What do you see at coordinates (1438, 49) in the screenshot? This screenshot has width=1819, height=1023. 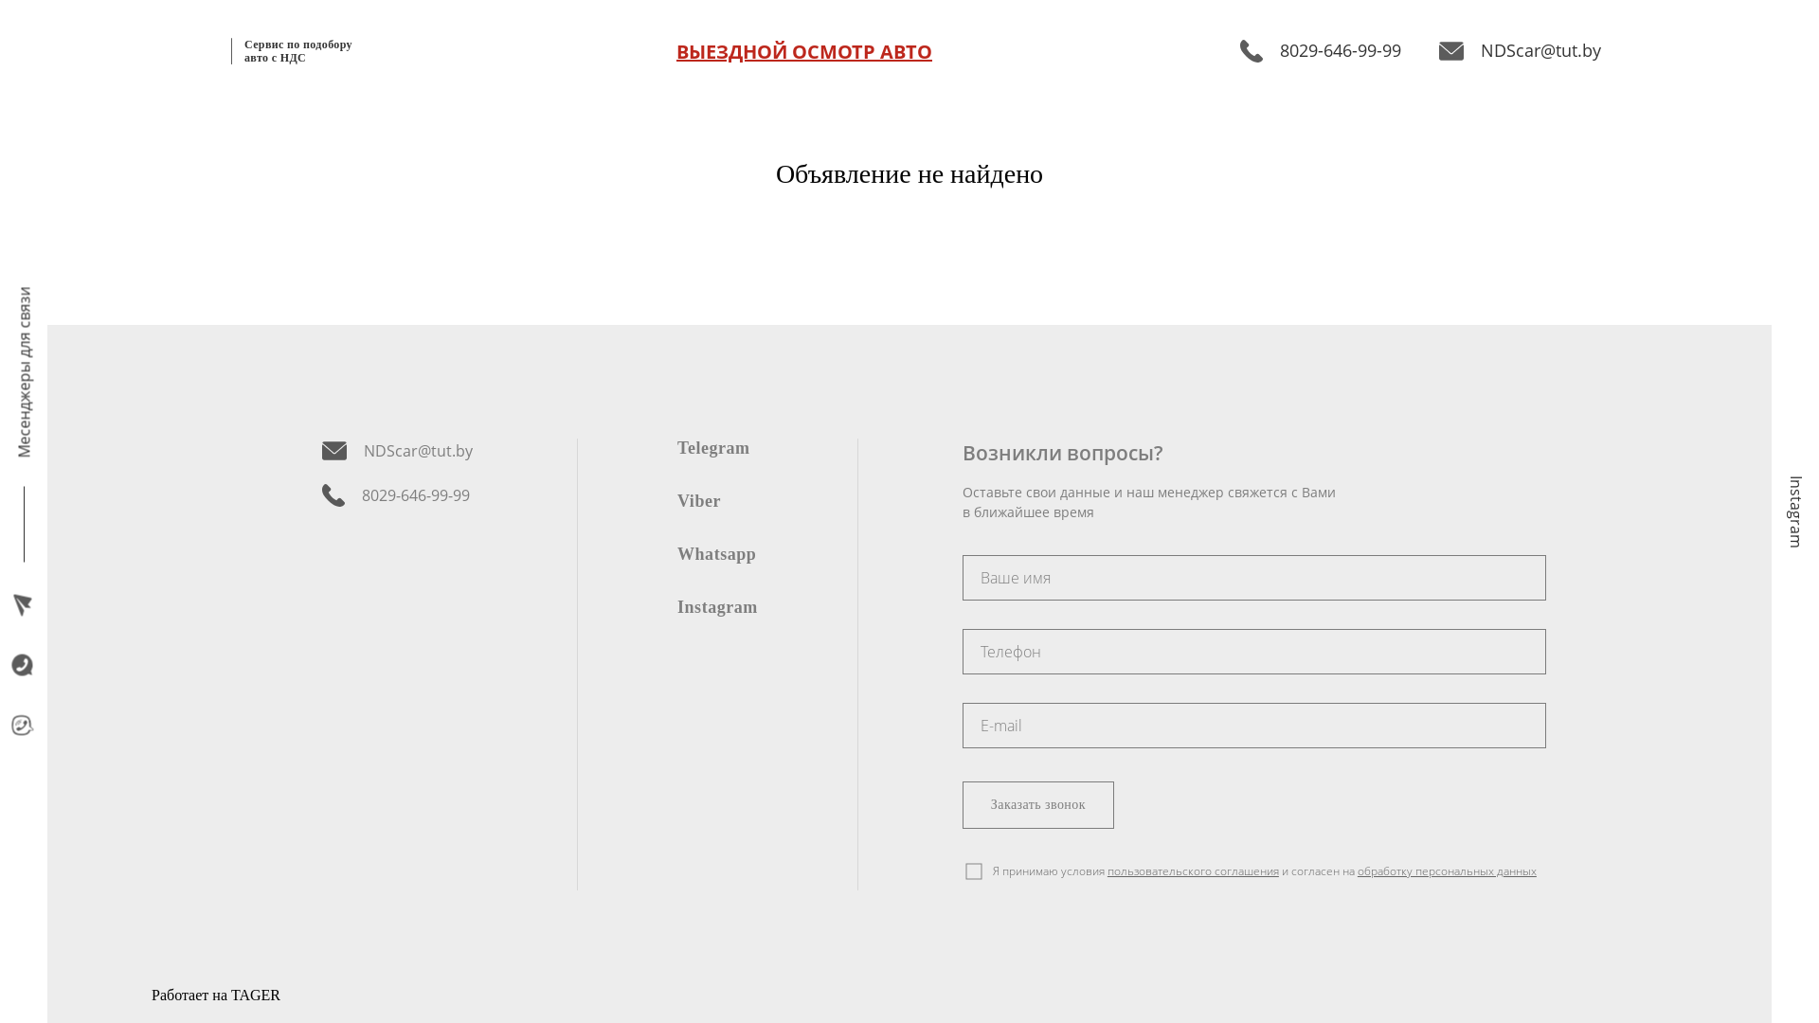 I see `'NDScar@tut.by'` at bounding box center [1438, 49].